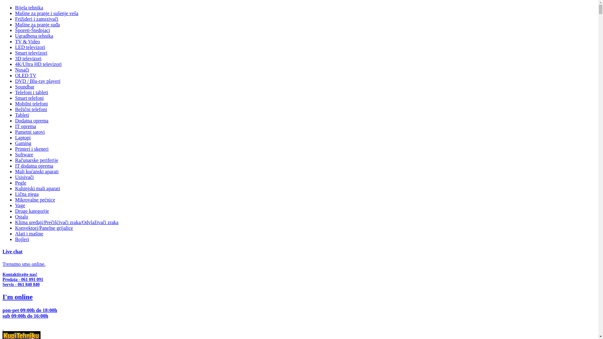 The height and width of the screenshot is (339, 603). Describe the element at coordinates (15, 211) in the screenshot. I see `'Druge kategorije'` at that location.